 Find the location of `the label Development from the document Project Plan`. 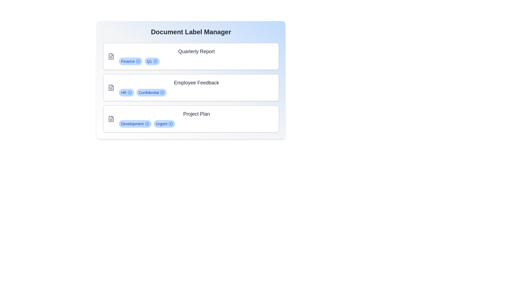

the label Development from the document Project Plan is located at coordinates (147, 124).